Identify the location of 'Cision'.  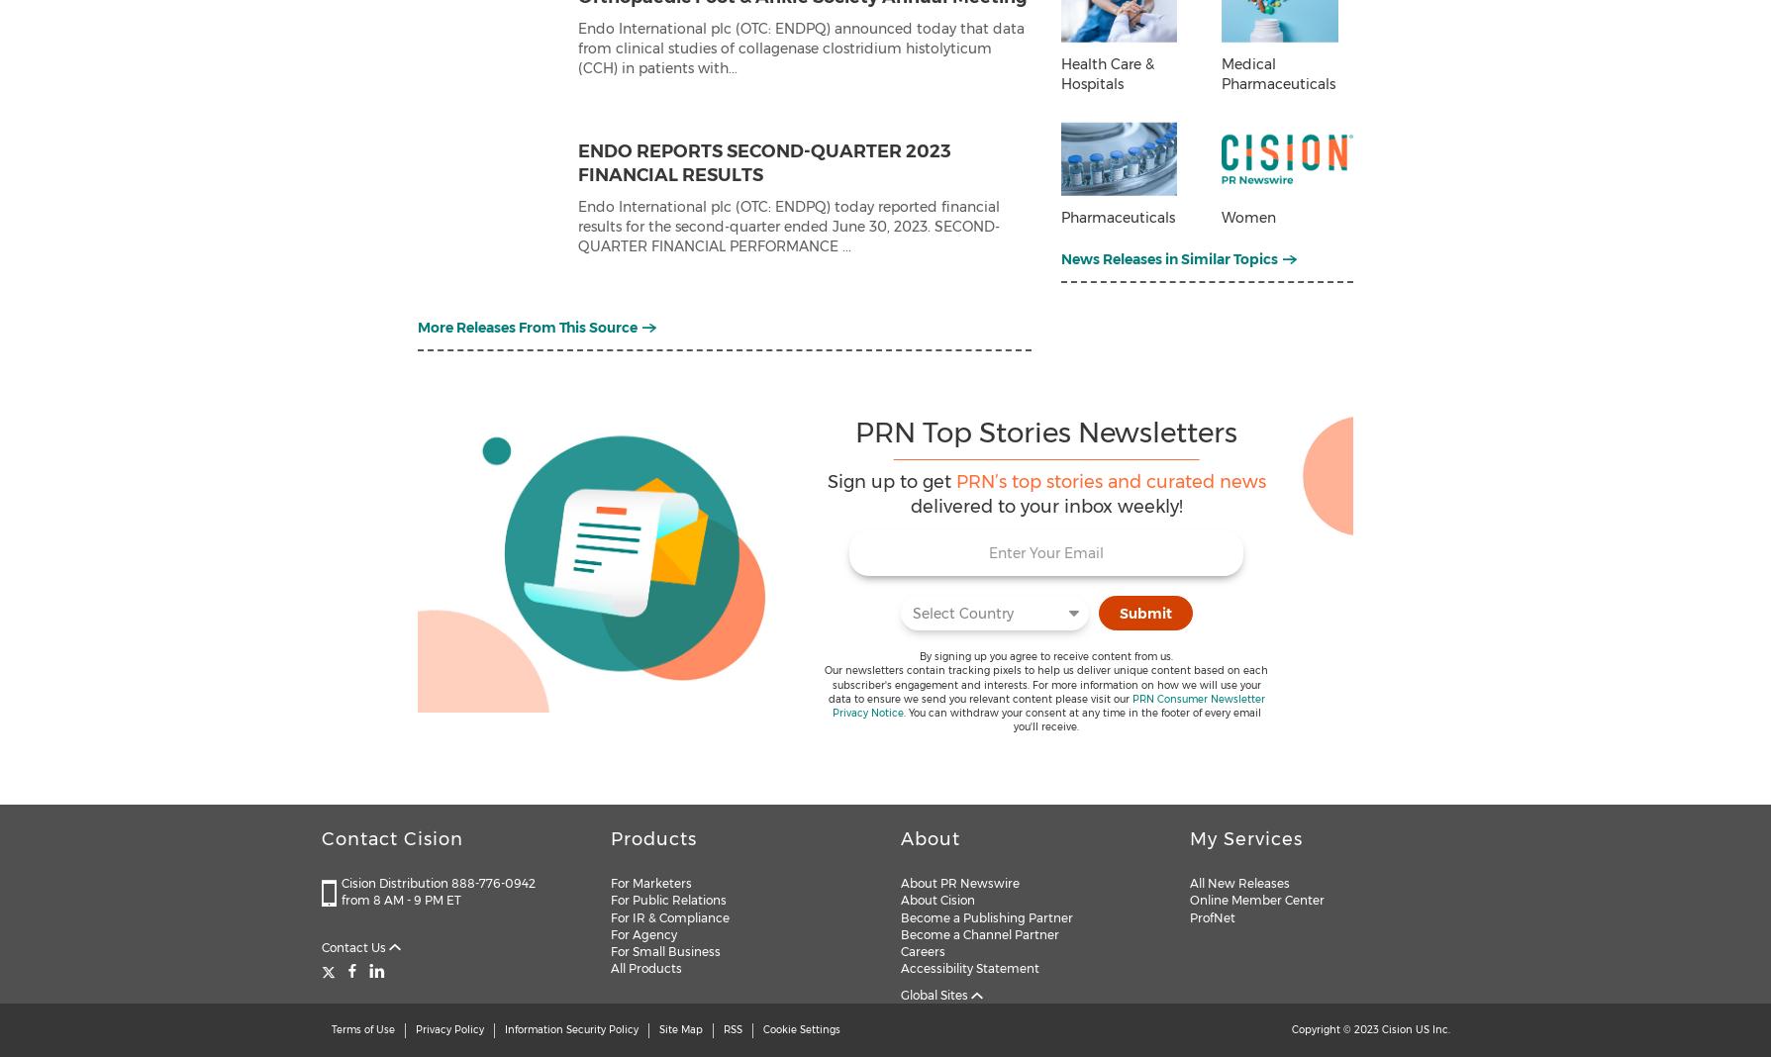
(1396, 1029).